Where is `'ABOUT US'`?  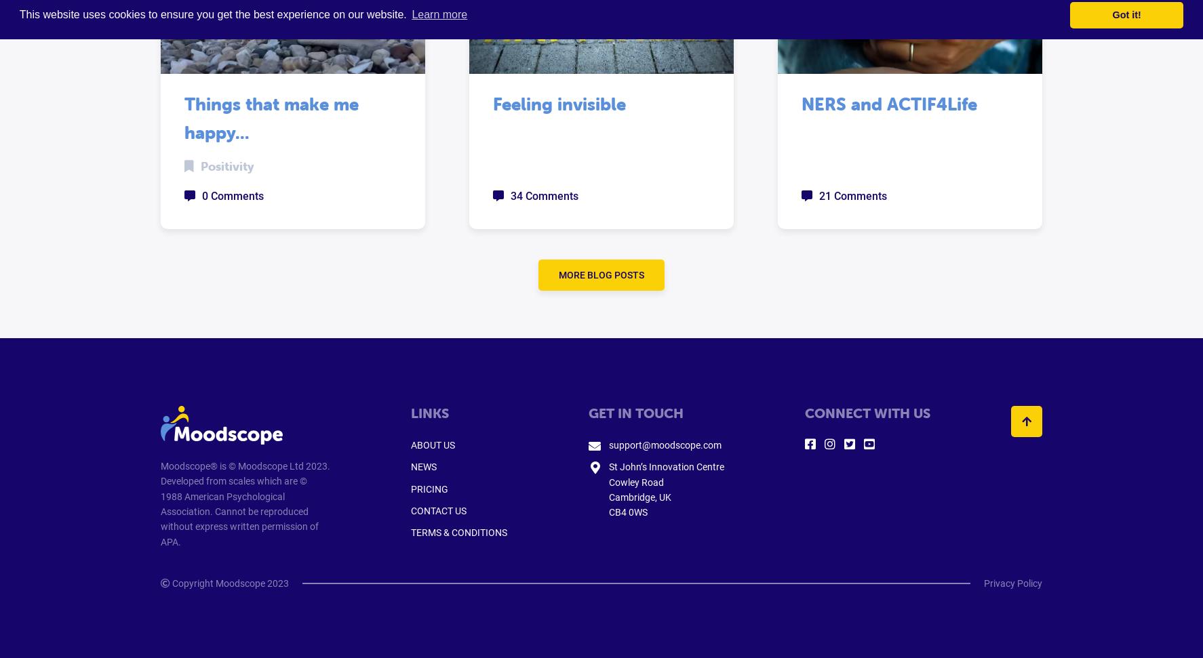 'ABOUT US' is located at coordinates (433, 445).